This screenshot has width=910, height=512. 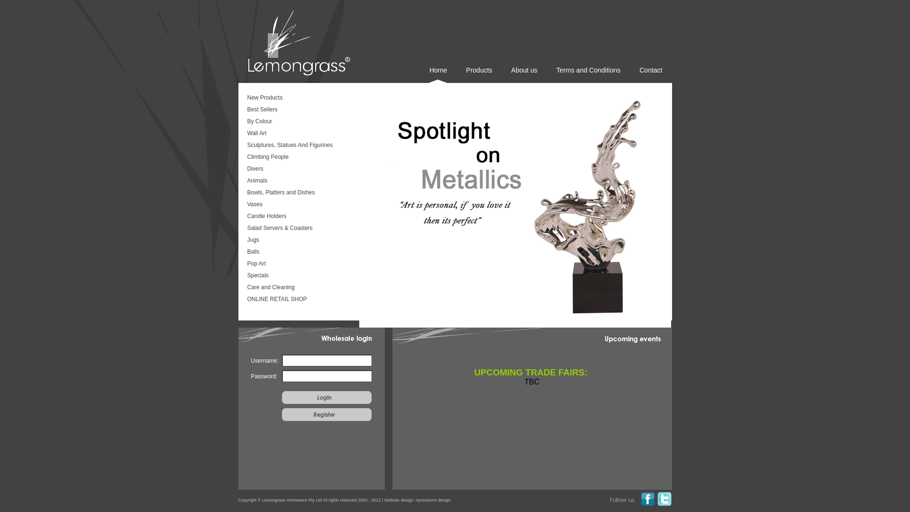 What do you see at coordinates (437, 74) in the screenshot?
I see `'Home'` at bounding box center [437, 74].